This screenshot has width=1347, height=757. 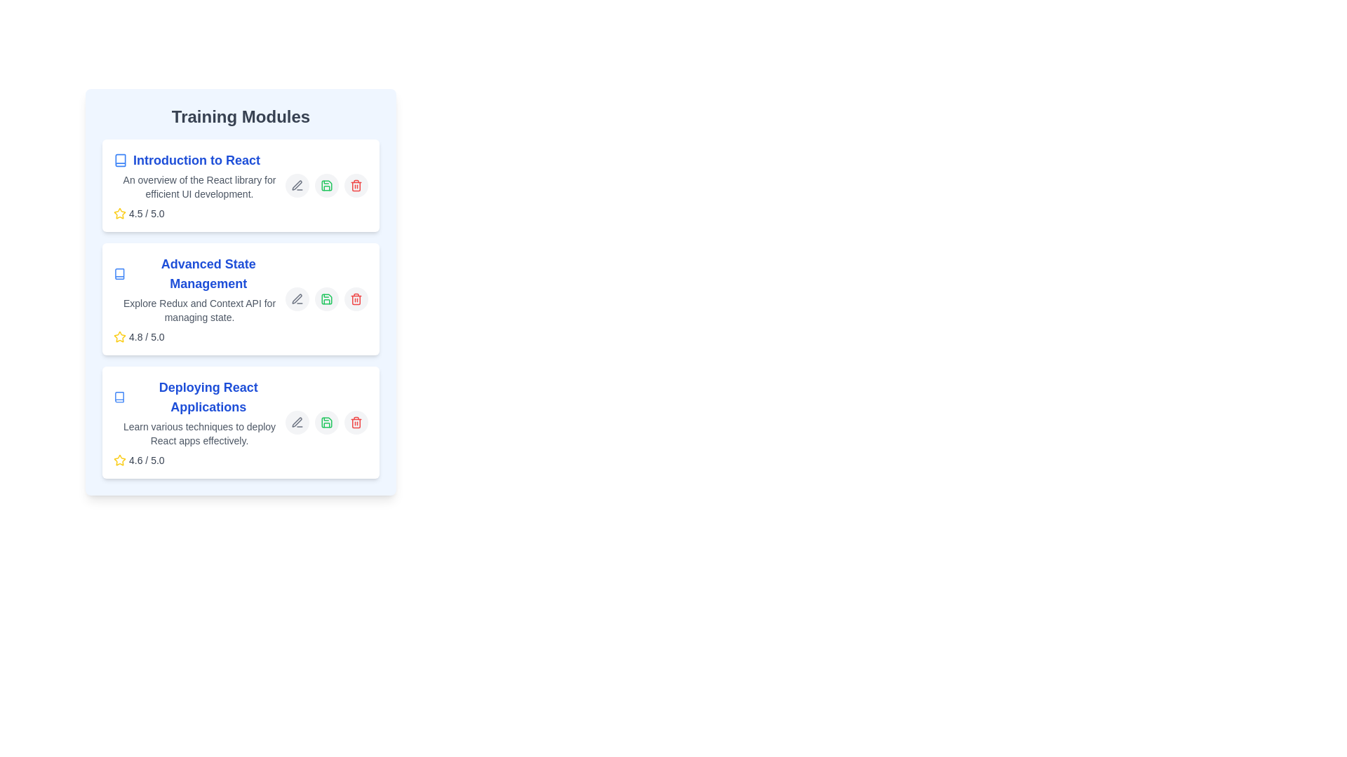 What do you see at coordinates (121, 159) in the screenshot?
I see `the book icon located to the left of the 'Introduction to React' module title, which indicates instructional content` at bounding box center [121, 159].